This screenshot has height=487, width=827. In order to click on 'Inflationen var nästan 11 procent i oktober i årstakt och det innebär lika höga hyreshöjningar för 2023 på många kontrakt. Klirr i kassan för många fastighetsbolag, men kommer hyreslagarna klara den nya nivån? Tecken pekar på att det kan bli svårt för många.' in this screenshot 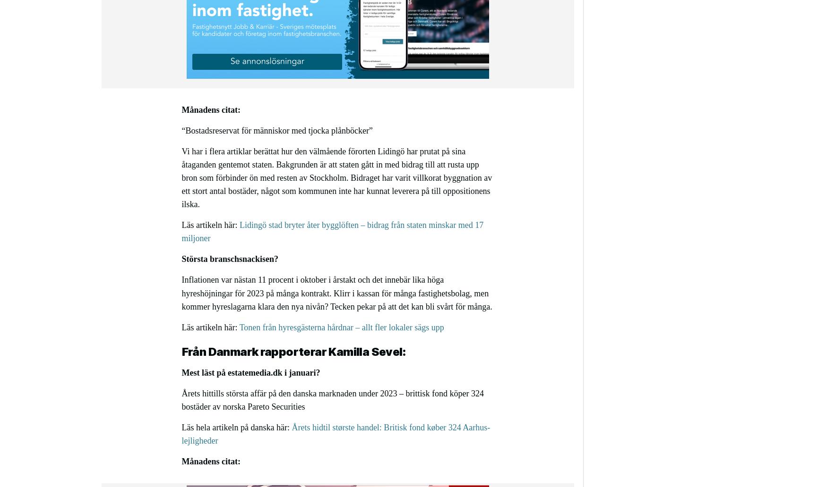, I will do `click(336, 293)`.